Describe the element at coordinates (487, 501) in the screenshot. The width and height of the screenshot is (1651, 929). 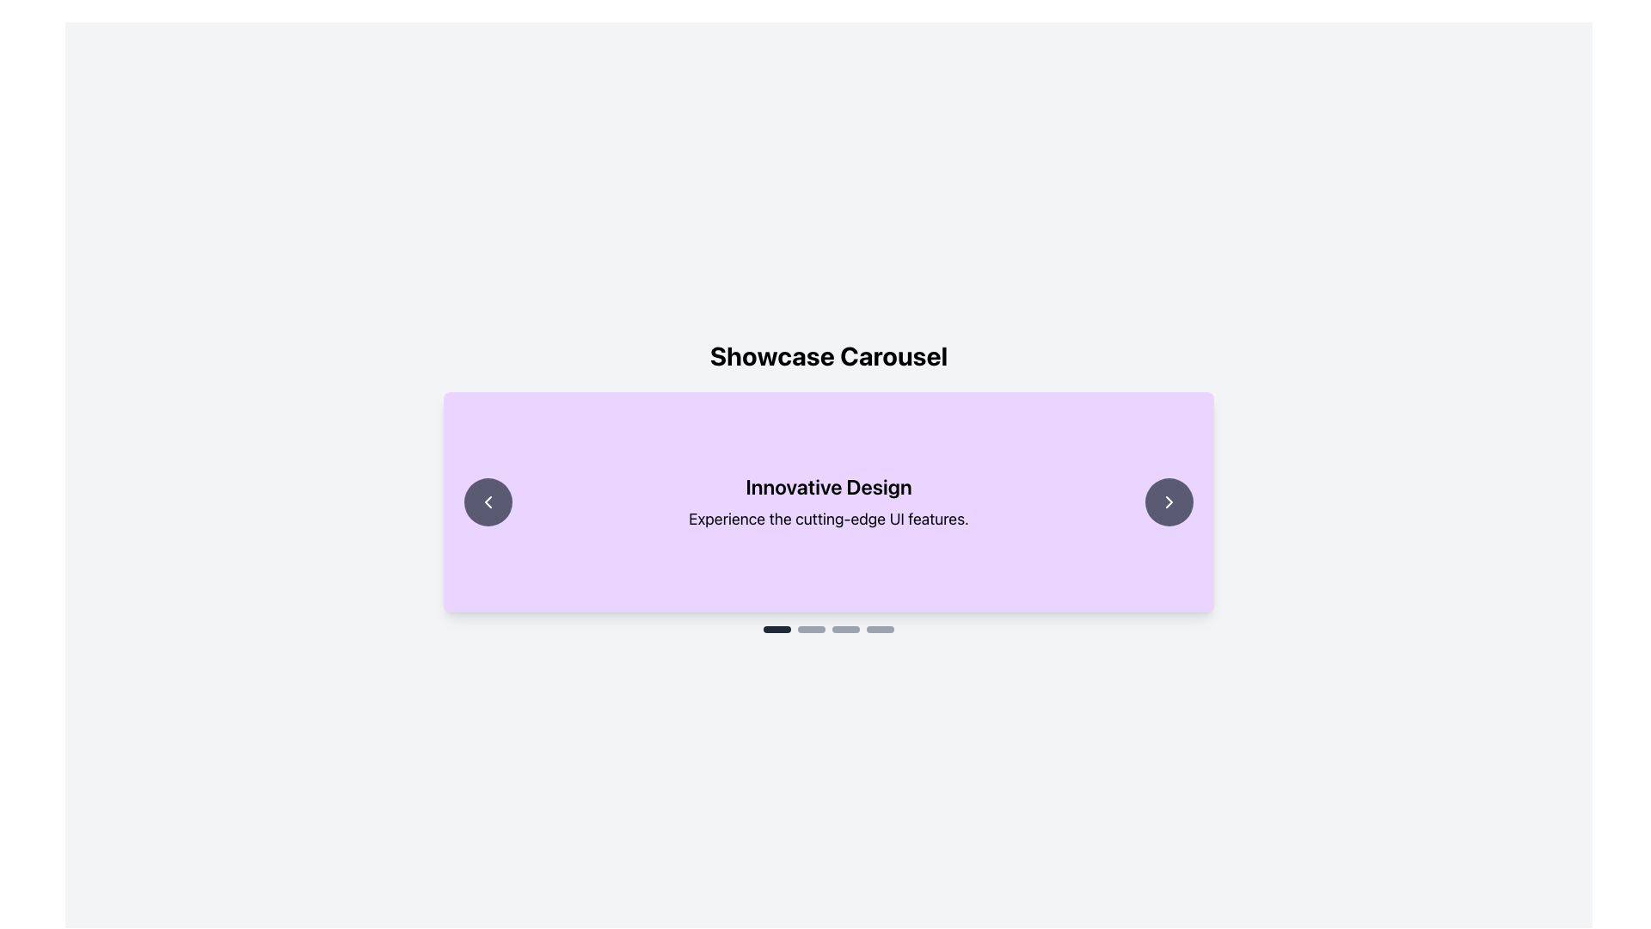
I see `the left arrow icon on the circular button` at that location.